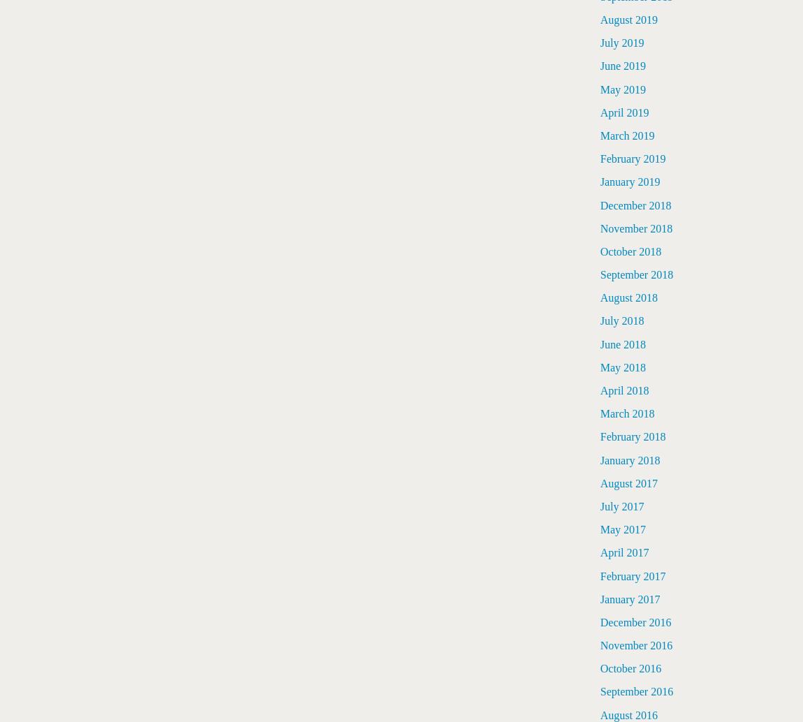 This screenshot has width=803, height=722. I want to click on 'April 2018', so click(624, 390).